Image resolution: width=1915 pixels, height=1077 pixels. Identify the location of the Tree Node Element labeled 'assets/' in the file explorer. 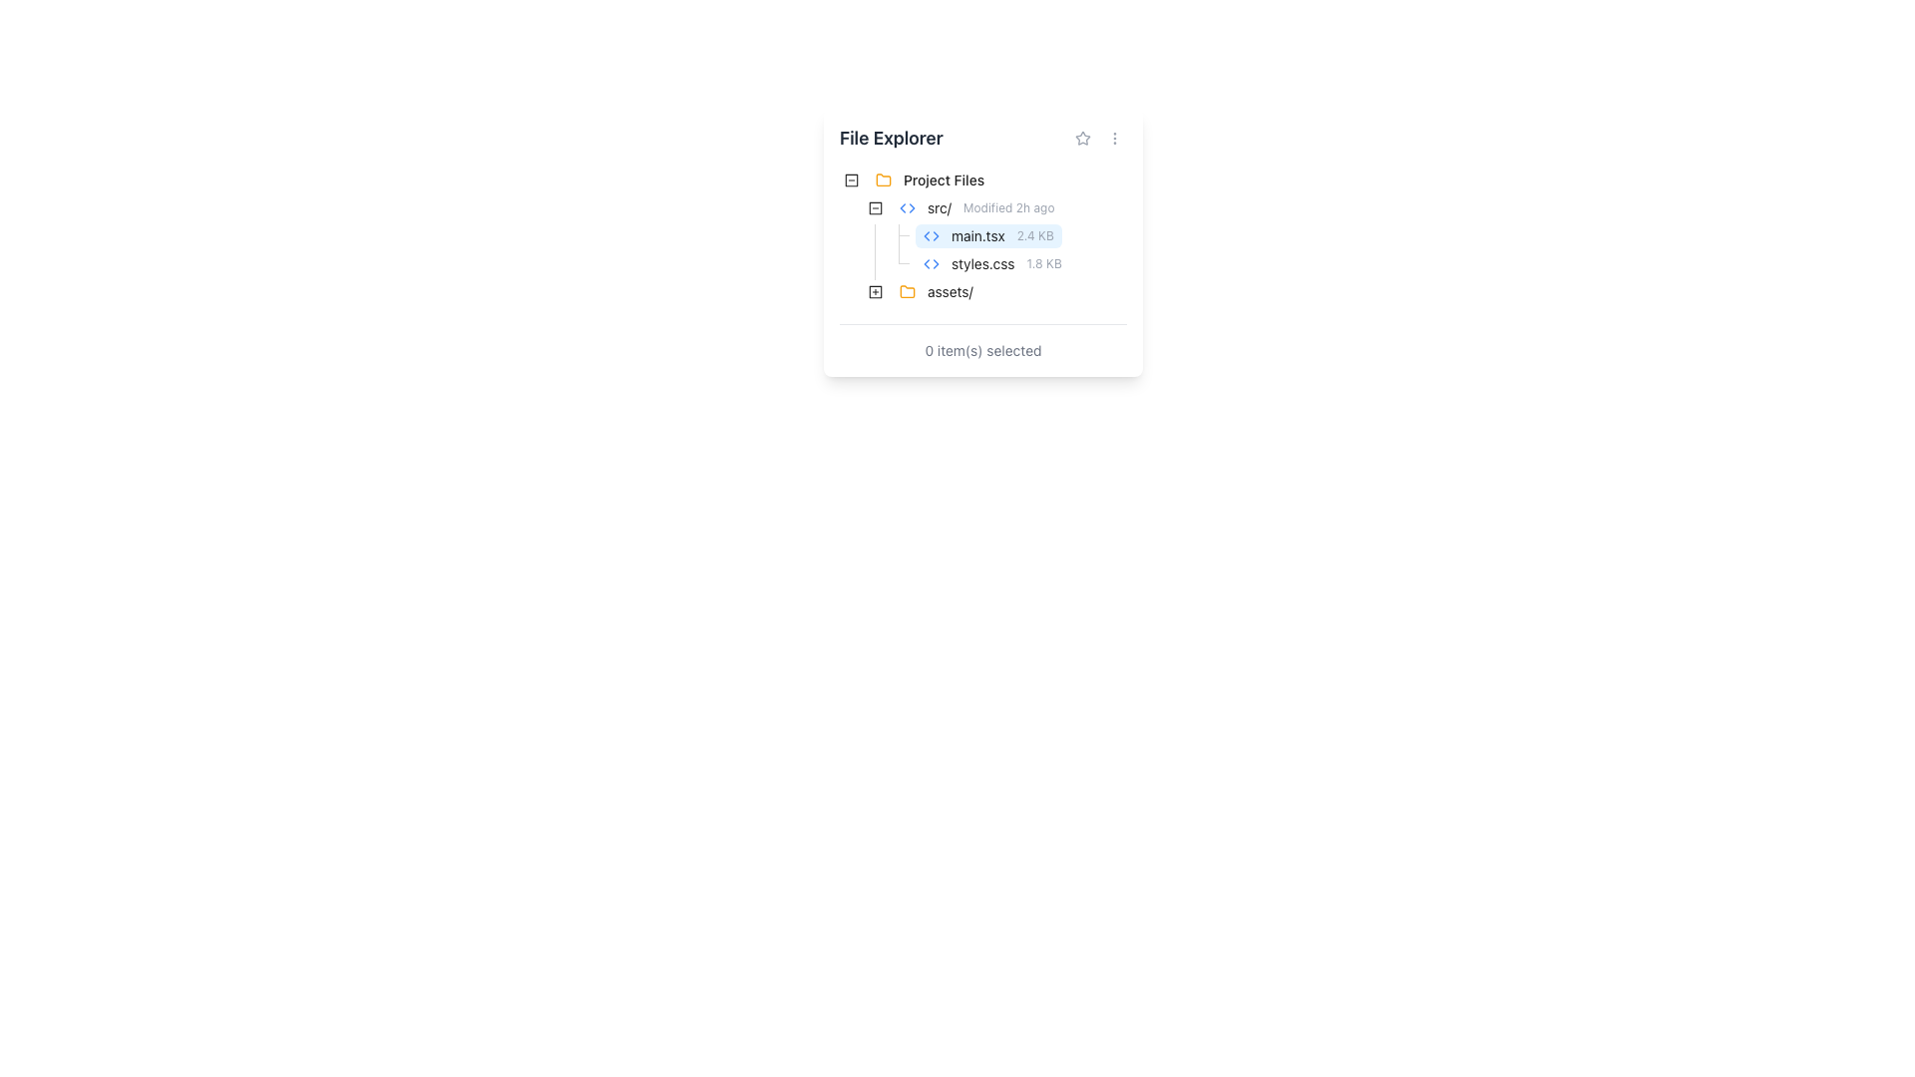
(935, 292).